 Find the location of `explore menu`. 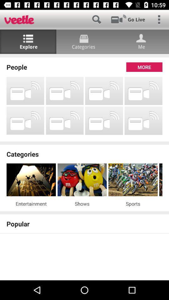

explore menu is located at coordinates (28, 41).